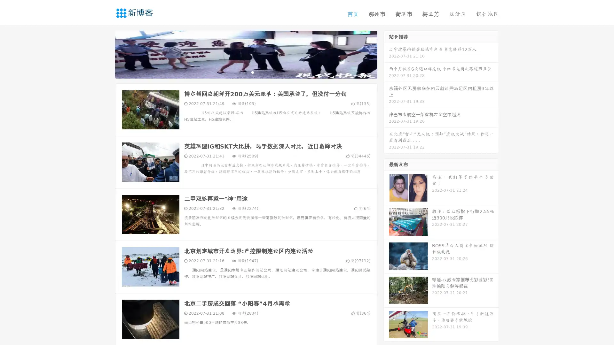  What do you see at coordinates (386, 54) in the screenshot?
I see `Next slide` at bounding box center [386, 54].